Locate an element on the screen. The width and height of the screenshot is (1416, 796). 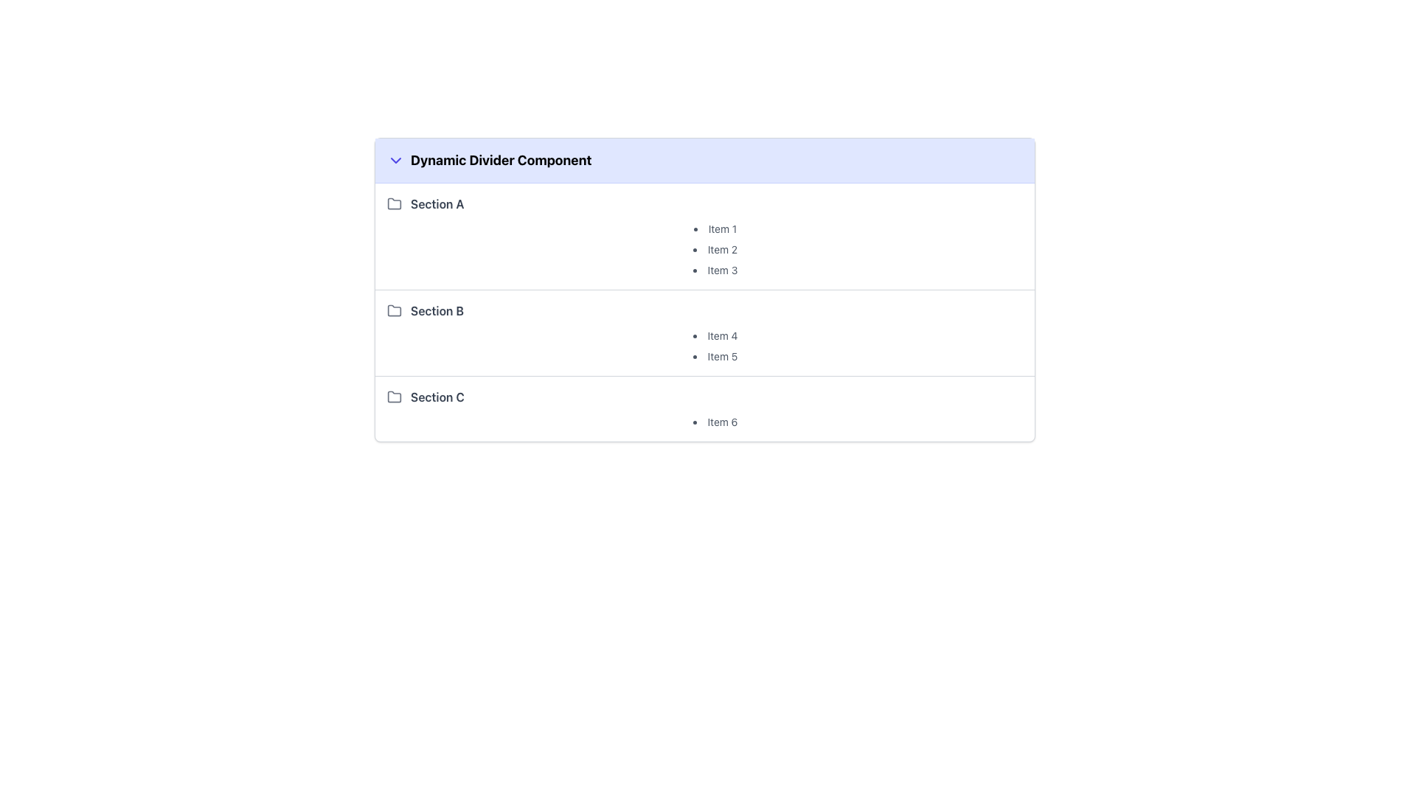
the icon representing 'Section A', which is positioned to the left of the text 'Section A' in the section header group is located at coordinates (394, 204).